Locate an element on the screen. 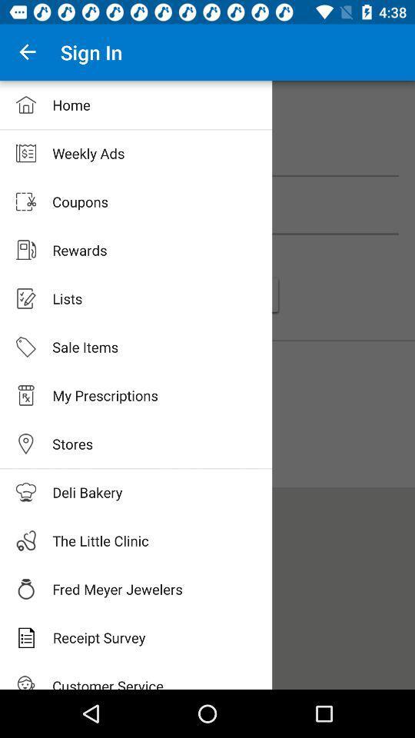 The width and height of the screenshot is (415, 738). stores is located at coordinates (86, 443).